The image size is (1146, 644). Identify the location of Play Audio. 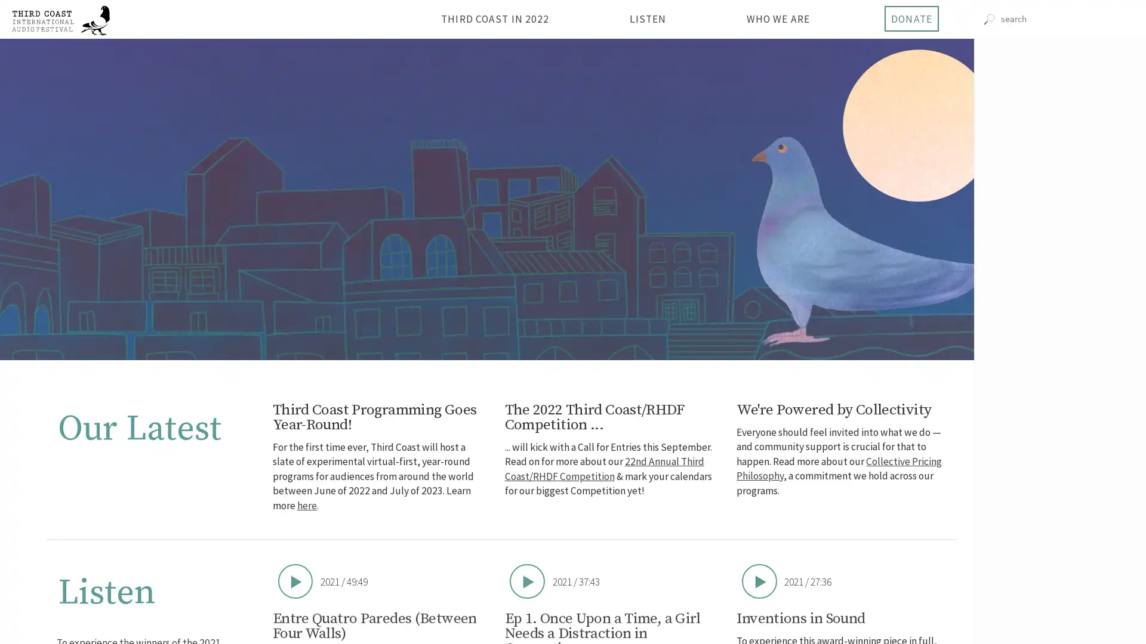
(1060, 125).